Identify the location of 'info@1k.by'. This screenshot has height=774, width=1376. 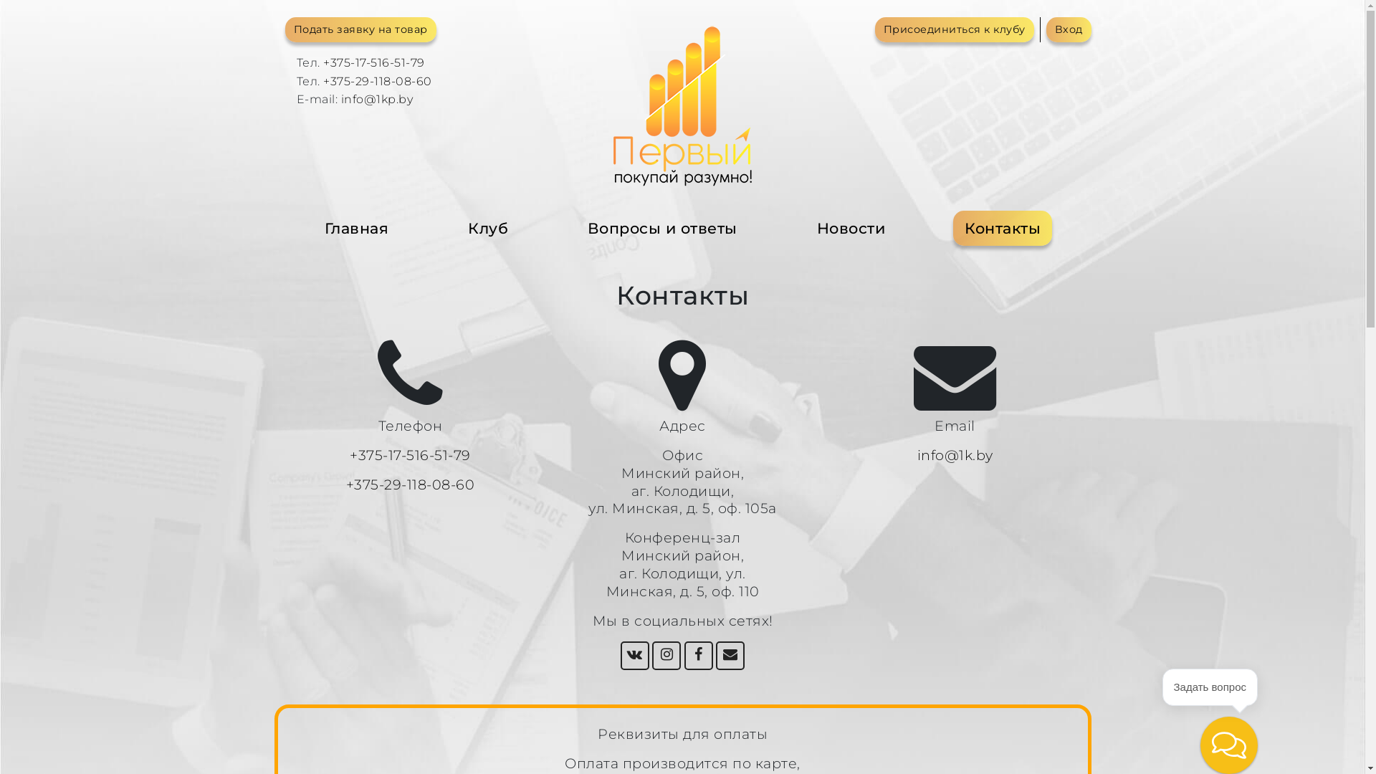
(955, 455).